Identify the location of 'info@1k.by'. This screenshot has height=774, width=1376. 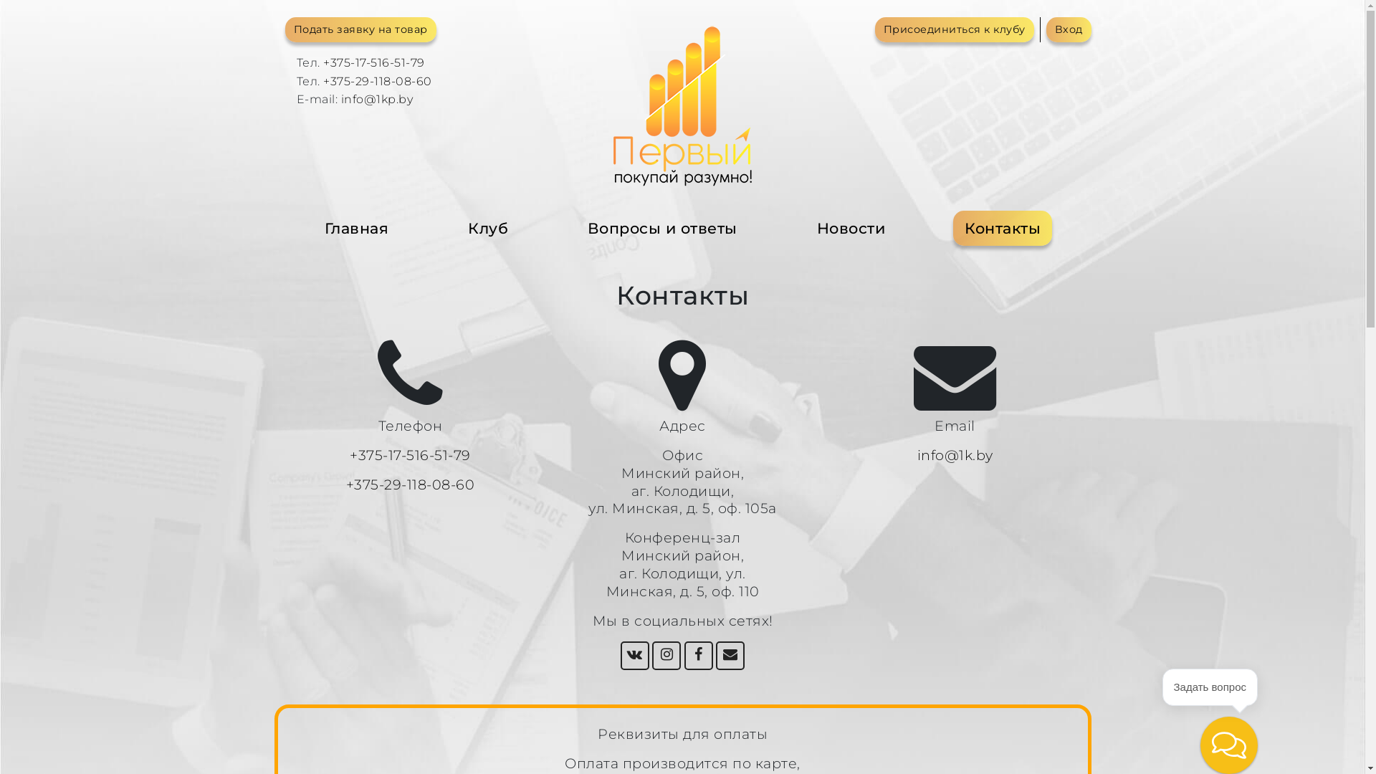
(955, 455).